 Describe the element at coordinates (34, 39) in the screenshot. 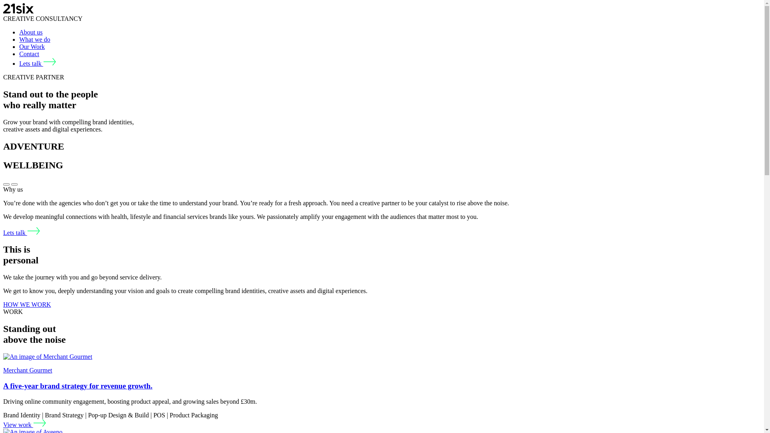

I see `'What we do'` at that location.